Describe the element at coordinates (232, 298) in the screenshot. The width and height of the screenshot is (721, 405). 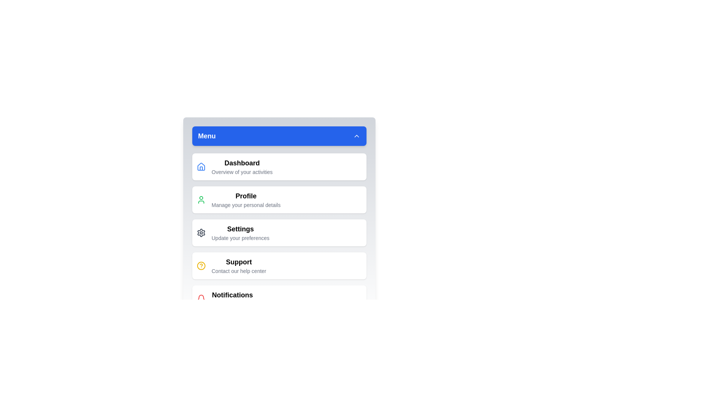
I see `informational text element labeled 'NotificationsView recent alerts' located under the 'Support' item in the menu structure` at that location.